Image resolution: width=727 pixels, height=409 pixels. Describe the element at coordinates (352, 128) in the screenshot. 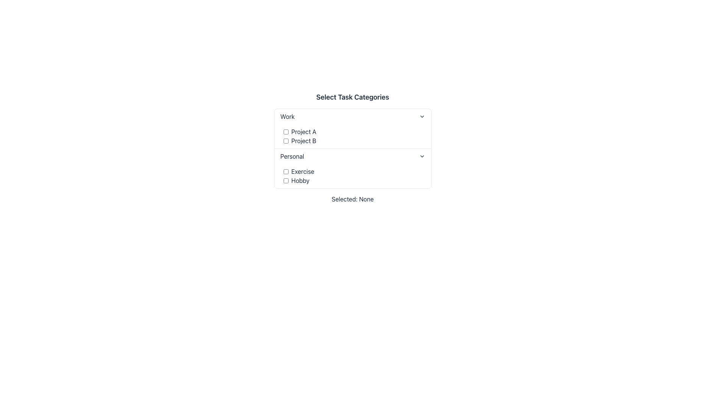

I see `the checkbox for 'Project B' located under the 'Work' section, which contains collapsible and selectable items` at that location.